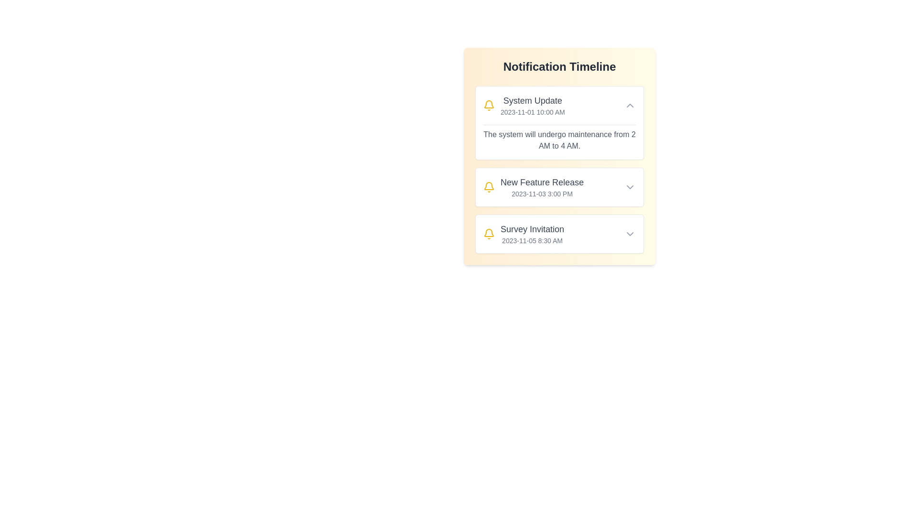  What do you see at coordinates (532, 105) in the screenshot?
I see `the main title and timestamp text display for the system update notification, which is the first item in the 'Notification Timeline' list located under a bell icon` at bounding box center [532, 105].